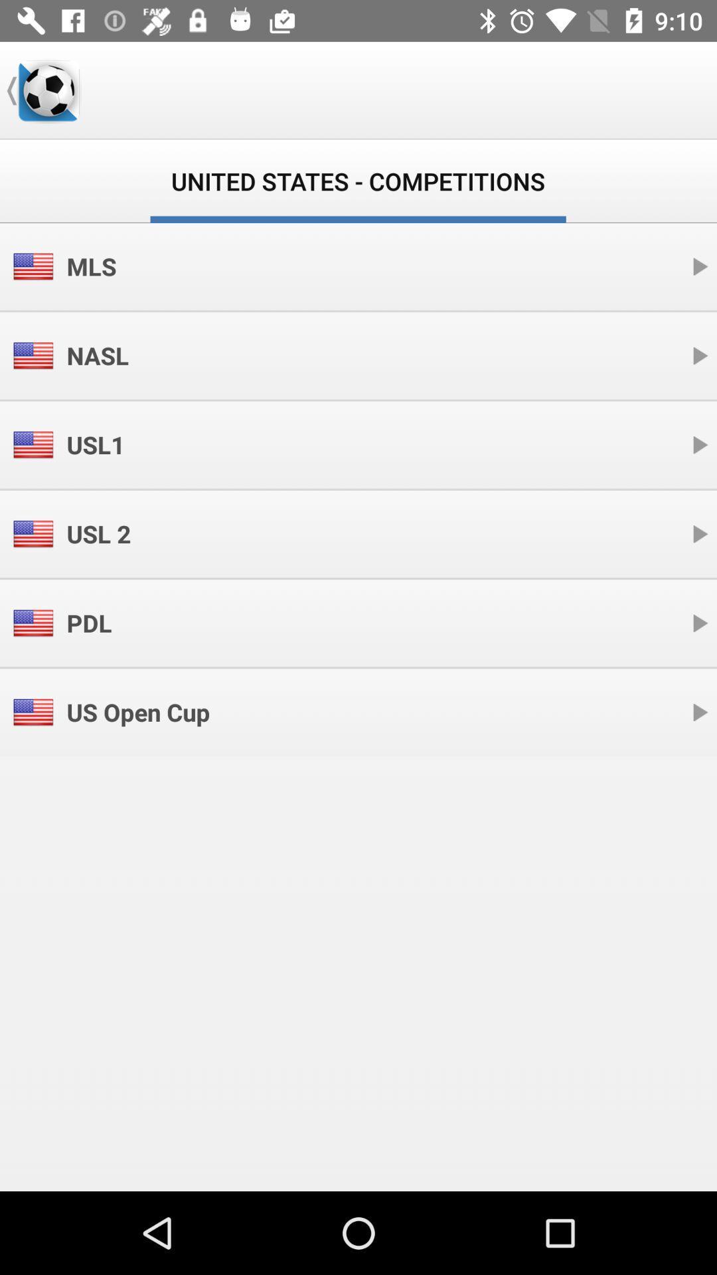 Image resolution: width=717 pixels, height=1275 pixels. Describe the element at coordinates (97, 355) in the screenshot. I see `the item above the usl1 icon` at that location.